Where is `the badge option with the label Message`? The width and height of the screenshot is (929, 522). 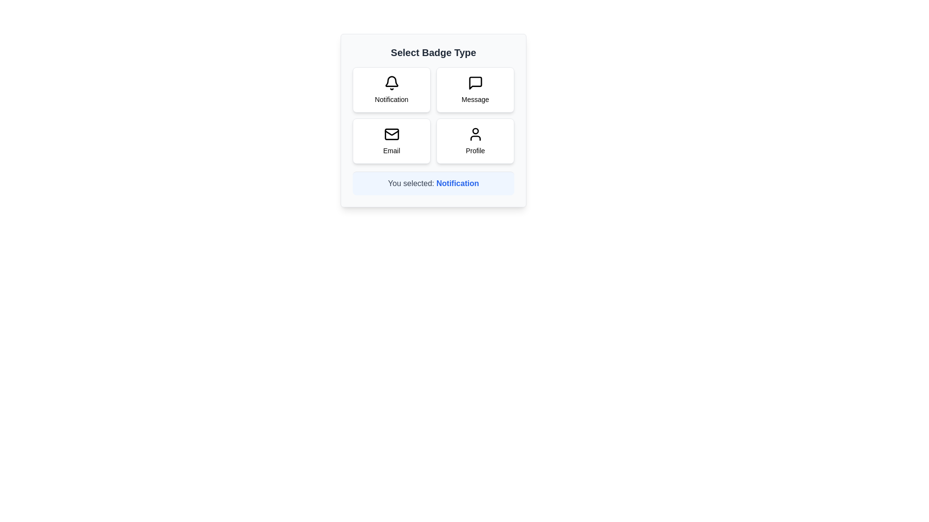
the badge option with the label Message is located at coordinates (475, 89).